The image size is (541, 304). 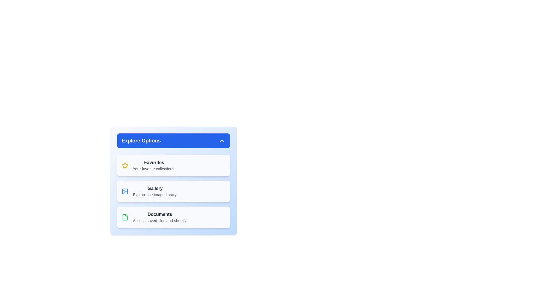 What do you see at coordinates (155, 189) in the screenshot?
I see `the 'Gallery' static text label, which serves as the title for the Gallery option in a vertical list of options, located between 'Favorites' and 'Documents'` at bounding box center [155, 189].